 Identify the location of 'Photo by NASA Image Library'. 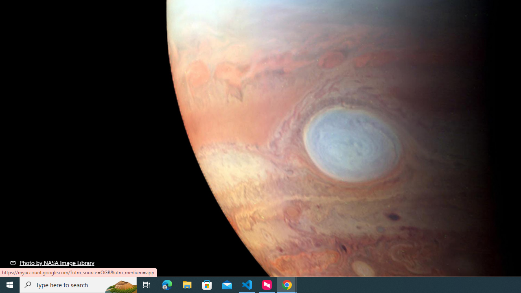
(52, 262).